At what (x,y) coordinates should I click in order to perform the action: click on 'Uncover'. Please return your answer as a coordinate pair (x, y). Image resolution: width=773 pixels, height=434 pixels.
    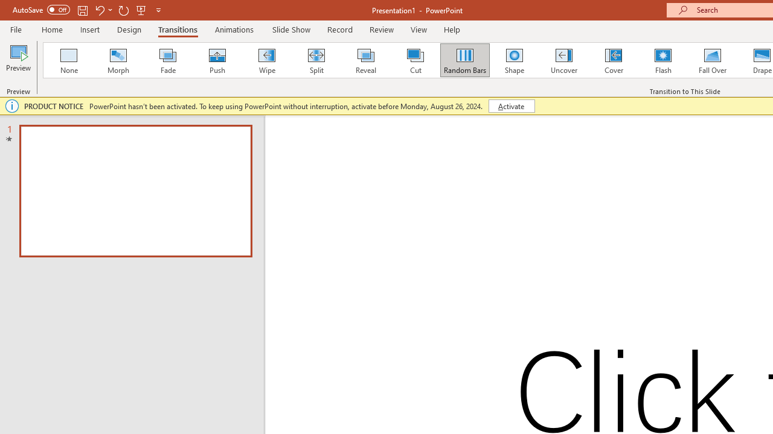
    Looking at the image, I should click on (563, 60).